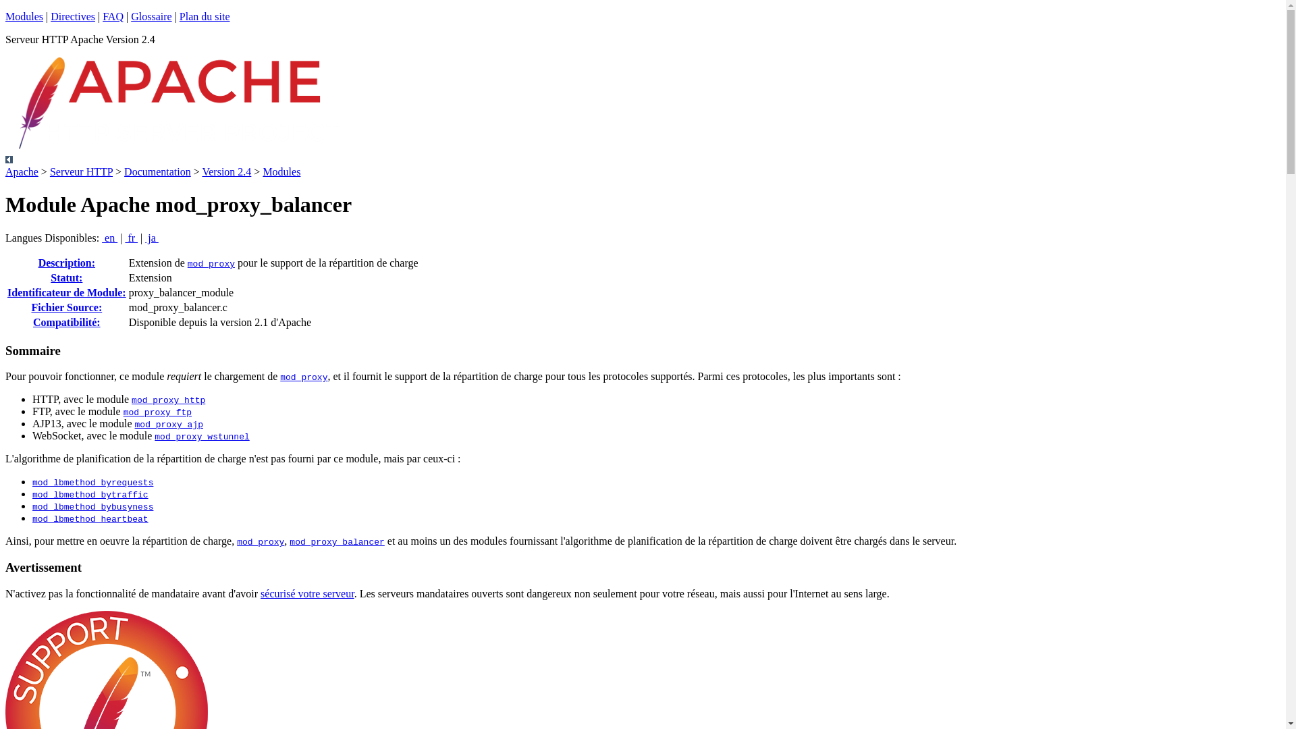 The image size is (1296, 729). Describe the element at coordinates (226, 171) in the screenshot. I see `'Version 2.4'` at that location.